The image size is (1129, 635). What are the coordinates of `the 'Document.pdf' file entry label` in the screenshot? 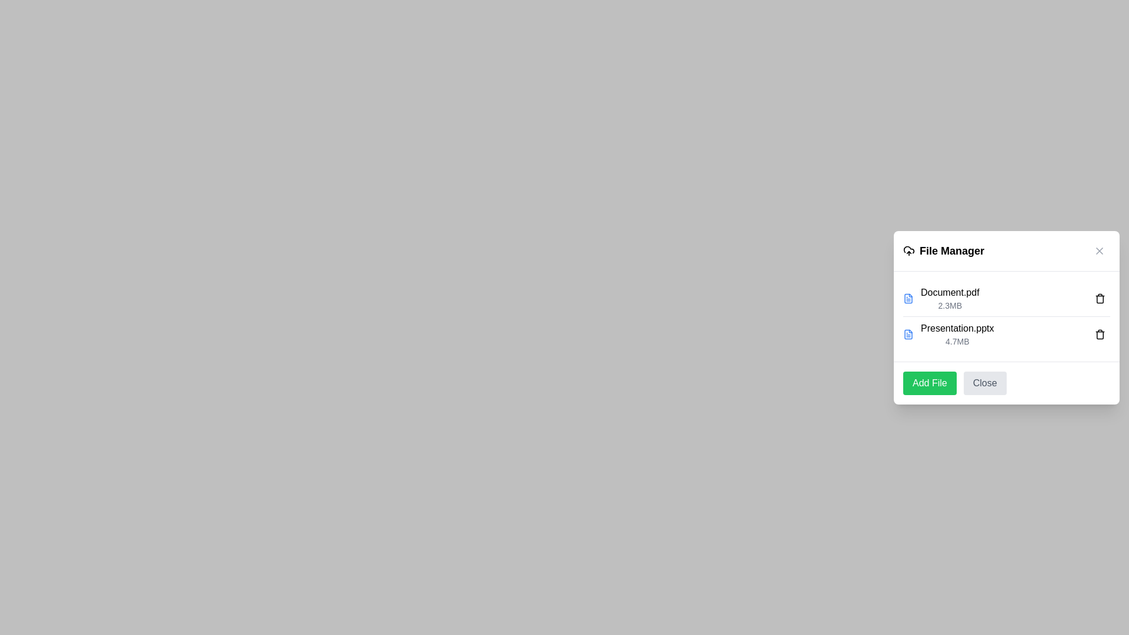 It's located at (950, 298).